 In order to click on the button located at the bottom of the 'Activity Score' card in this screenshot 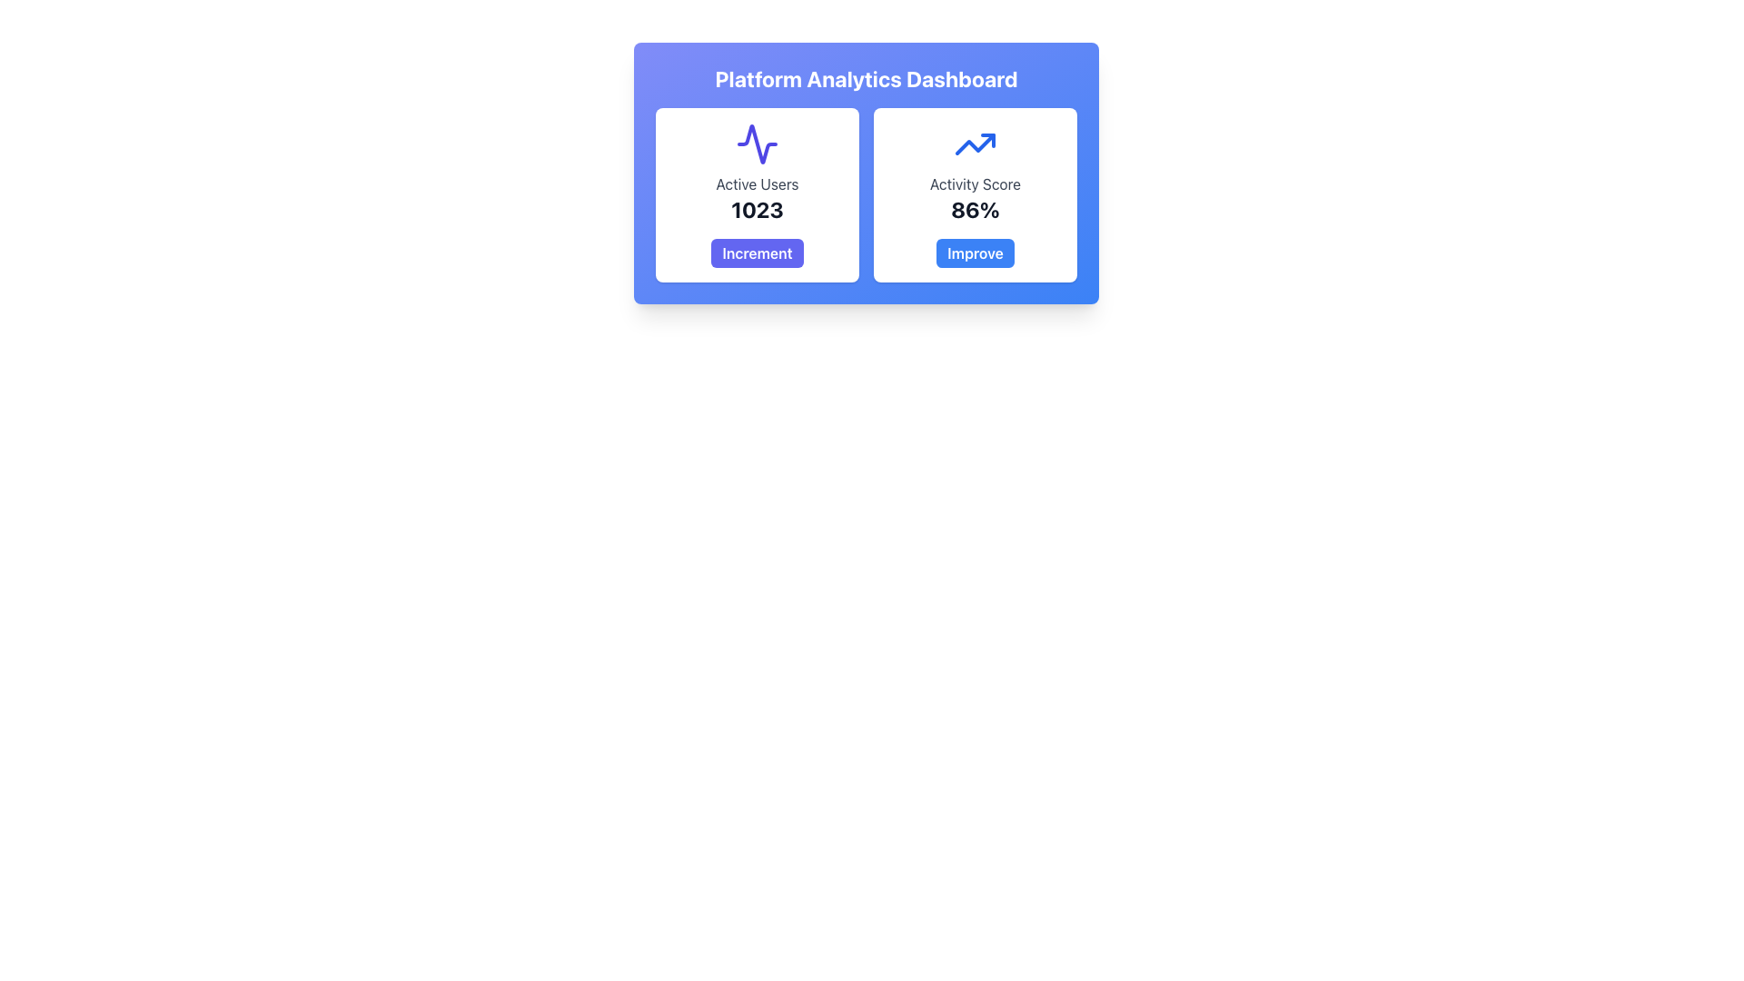, I will do `click(975, 253)`.